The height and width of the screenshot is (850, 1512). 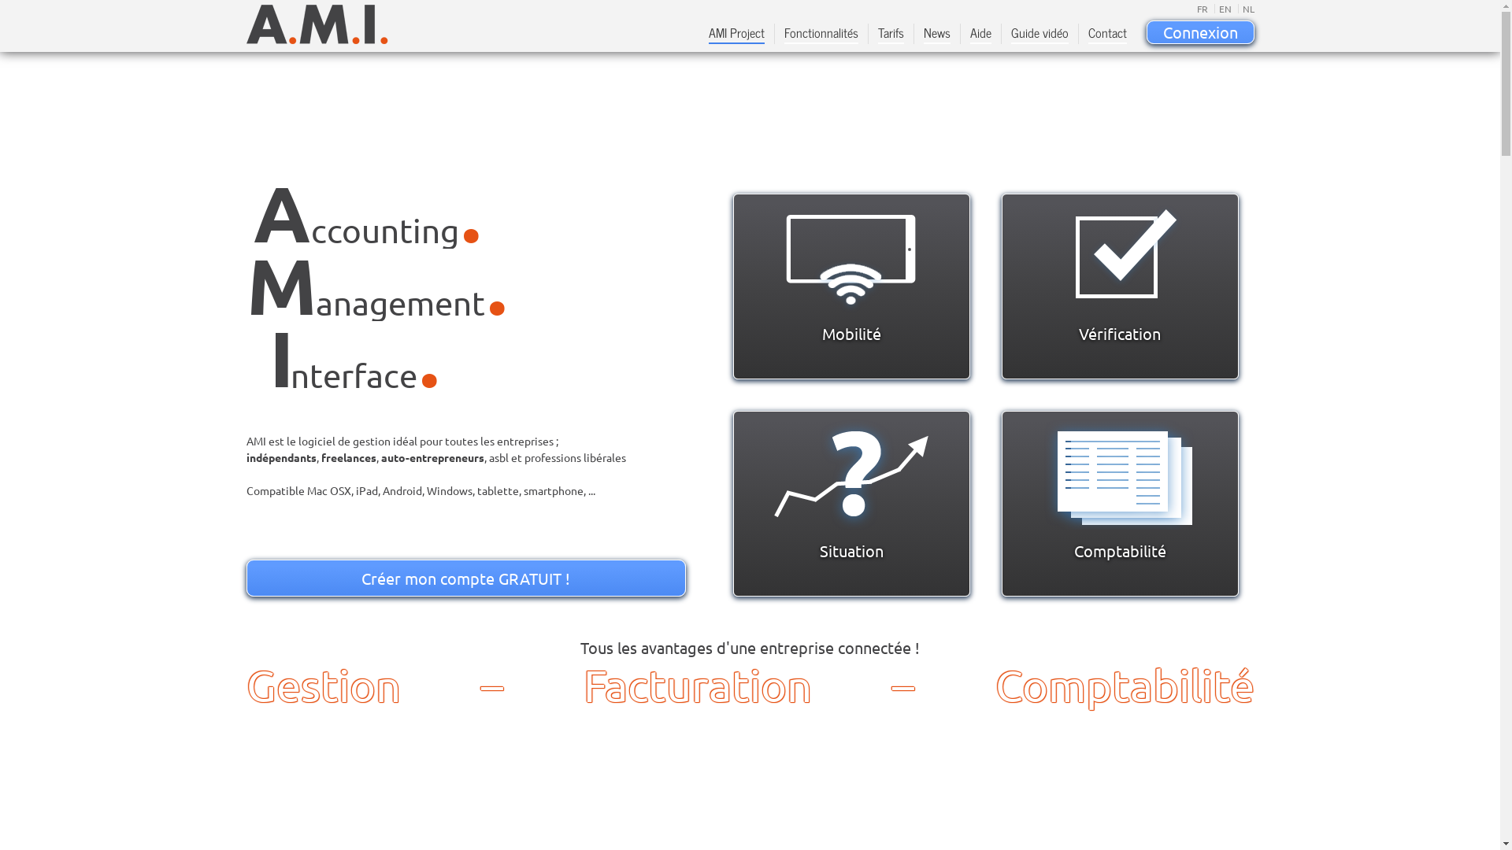 I want to click on 'NL', so click(x=1245, y=9).